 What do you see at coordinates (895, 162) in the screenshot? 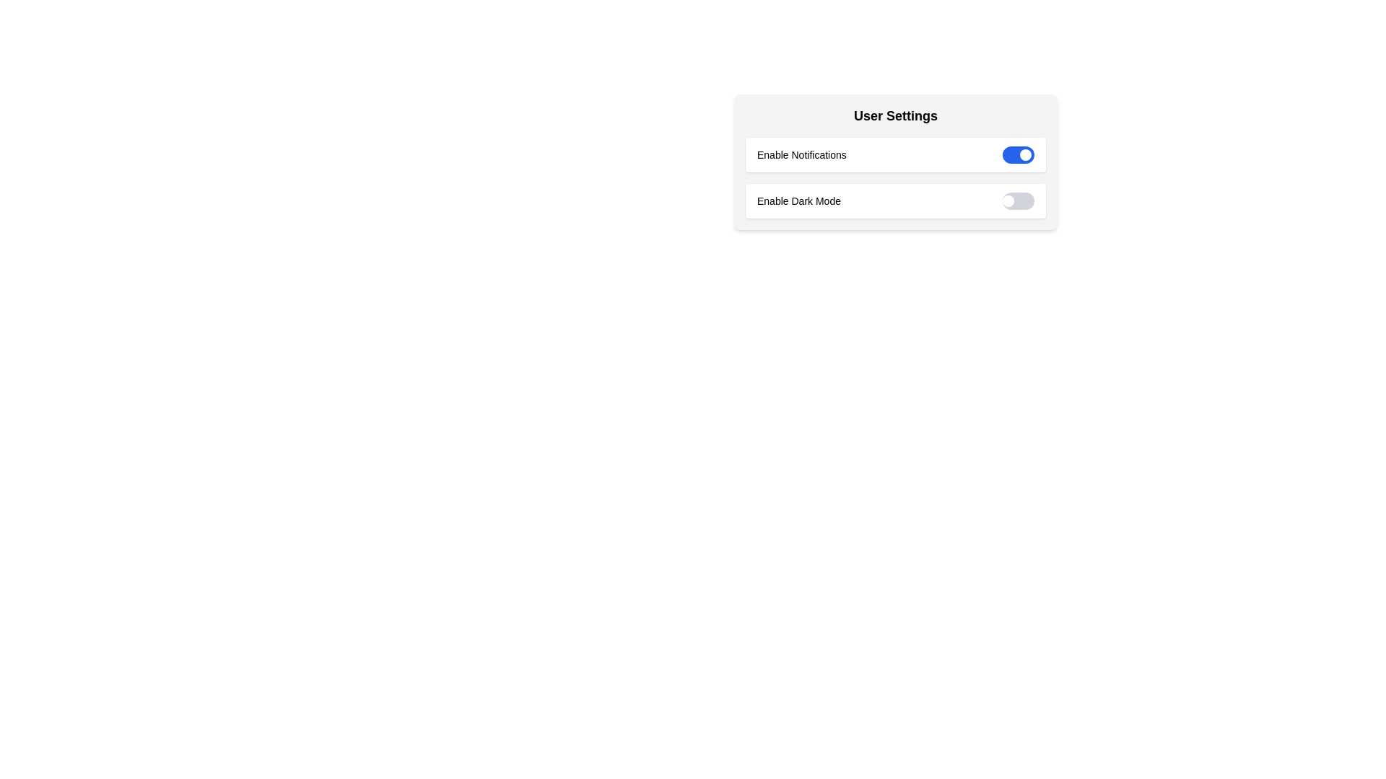
I see `the 'Enable Notifications' toggle switch in the settings panel` at bounding box center [895, 162].